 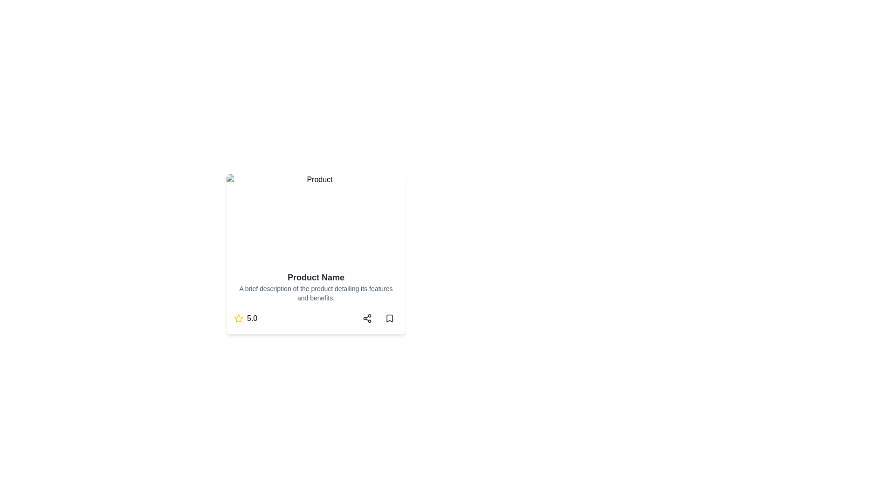 I want to click on the sharing button, which features an icon of three connected dots, located at the bottom right of the product card, so click(x=366, y=318).